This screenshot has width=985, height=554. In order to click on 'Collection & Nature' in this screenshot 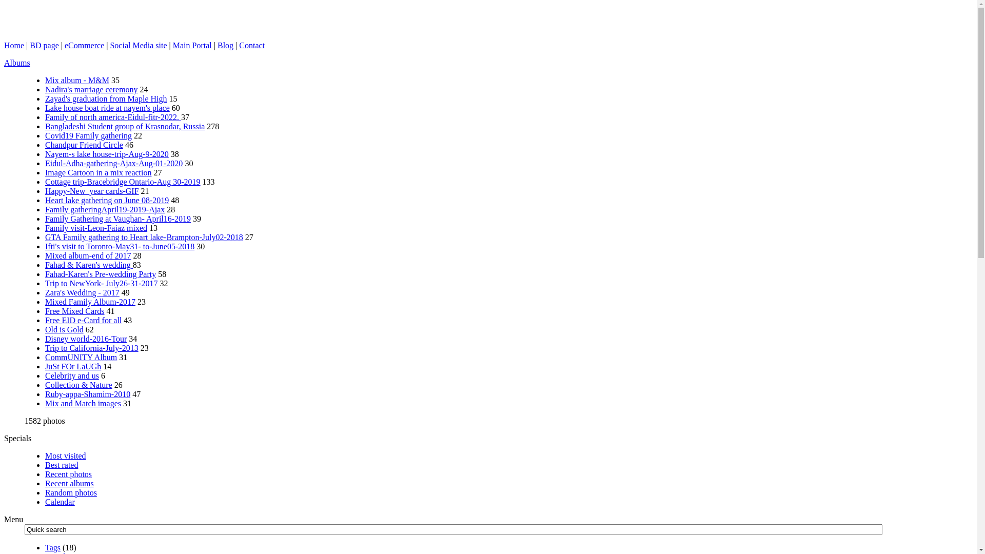, I will do `click(78, 385)`.